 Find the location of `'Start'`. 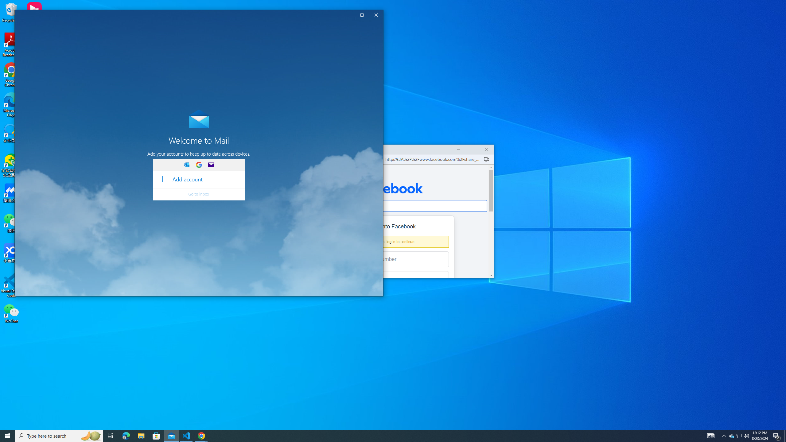

'Start' is located at coordinates (7, 435).